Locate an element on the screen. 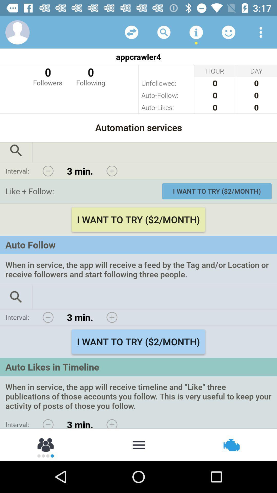  the icon at the bottom right corner is located at coordinates (231, 444).